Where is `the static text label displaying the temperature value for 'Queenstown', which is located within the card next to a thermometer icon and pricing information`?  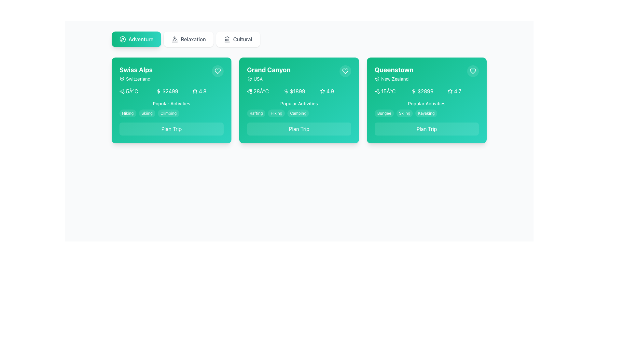
the static text label displaying the temperature value for 'Queenstown', which is located within the card next to a thermometer icon and pricing information is located at coordinates (388, 91).